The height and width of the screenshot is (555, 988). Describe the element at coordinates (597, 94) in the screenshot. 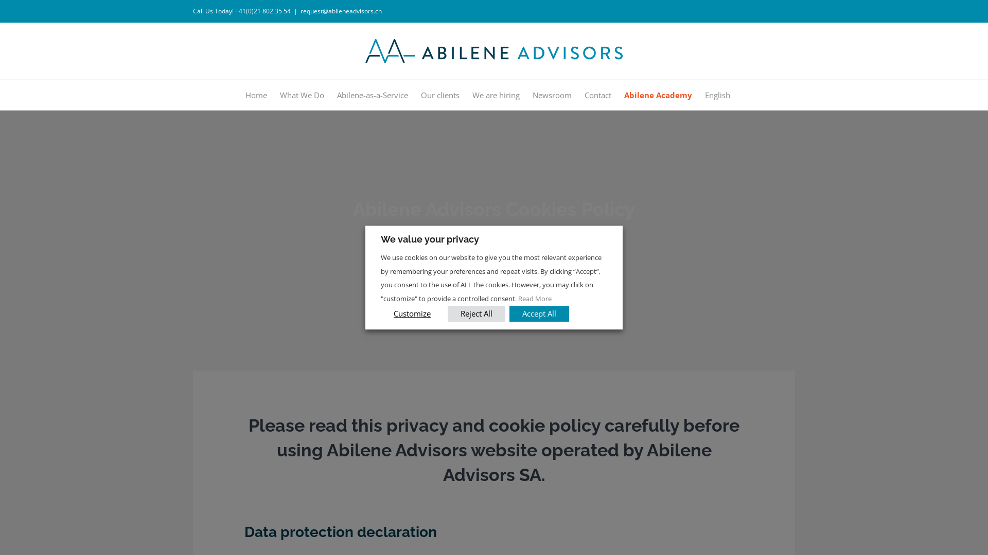

I see `'Contact'` at that location.